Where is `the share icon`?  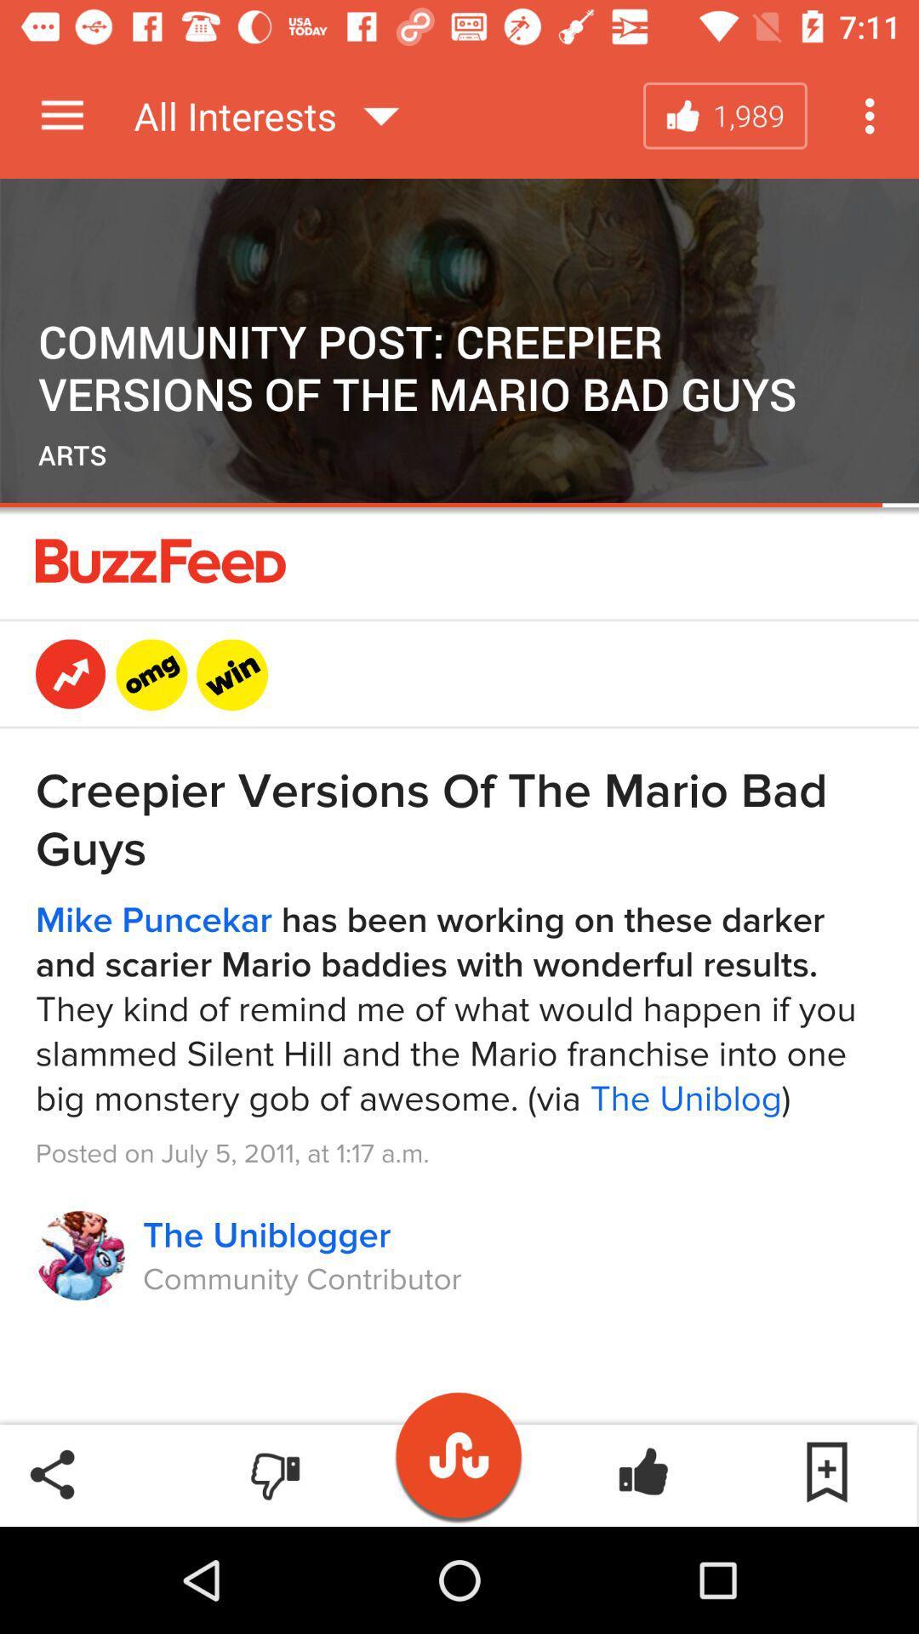 the share icon is located at coordinates (52, 1472).